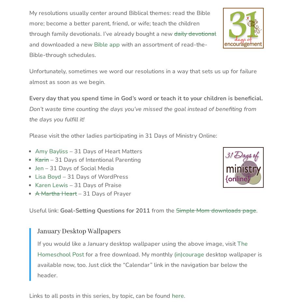 The height and width of the screenshot is (303, 293). Describe the element at coordinates (105, 210) in the screenshot. I see `'Goal-Setting Questions for 2011'` at that location.